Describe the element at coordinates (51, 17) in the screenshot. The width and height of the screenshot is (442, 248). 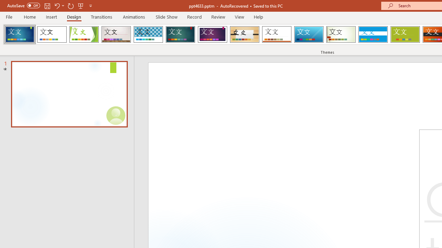
I see `'Insert'` at that location.